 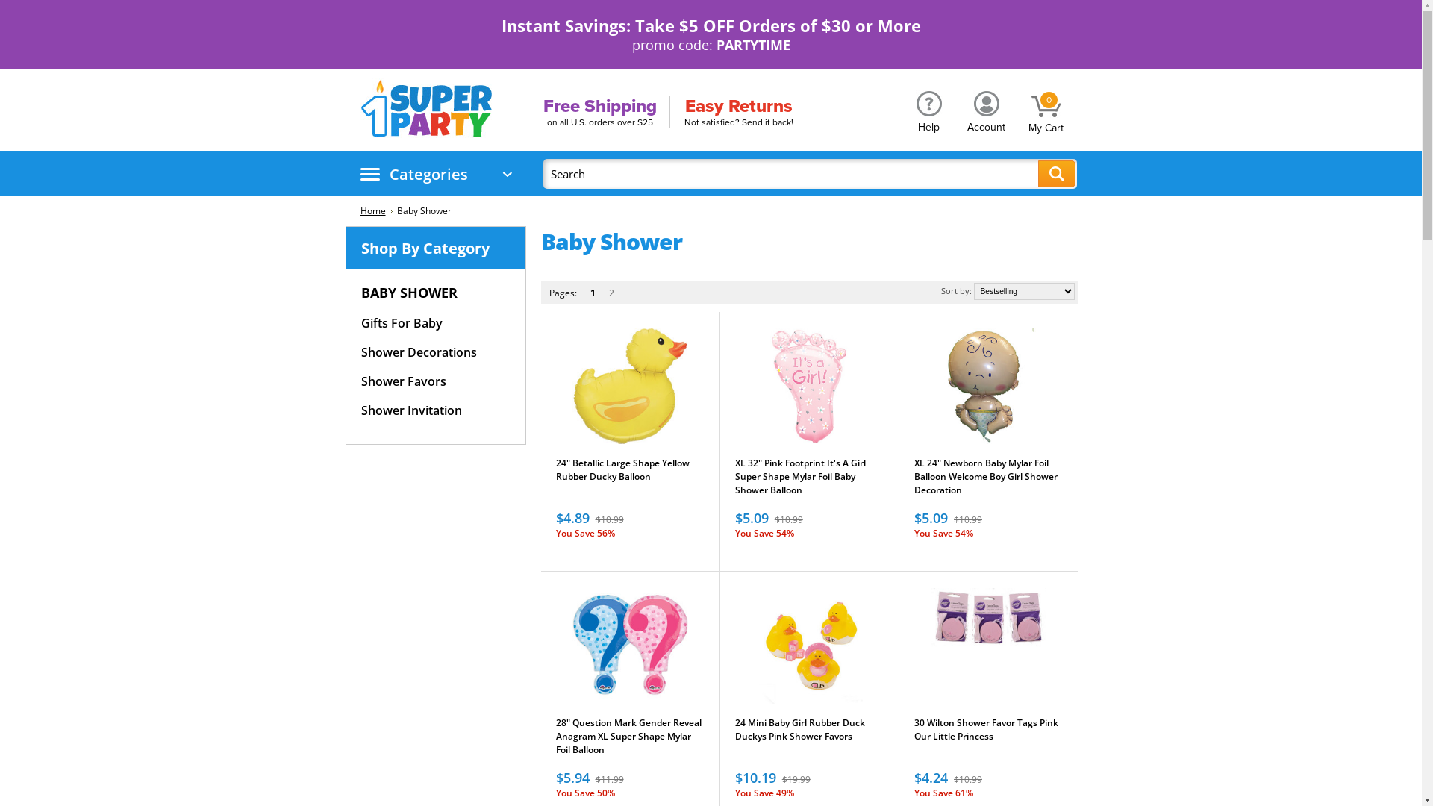 What do you see at coordinates (404, 381) in the screenshot?
I see `'Shower Favors'` at bounding box center [404, 381].